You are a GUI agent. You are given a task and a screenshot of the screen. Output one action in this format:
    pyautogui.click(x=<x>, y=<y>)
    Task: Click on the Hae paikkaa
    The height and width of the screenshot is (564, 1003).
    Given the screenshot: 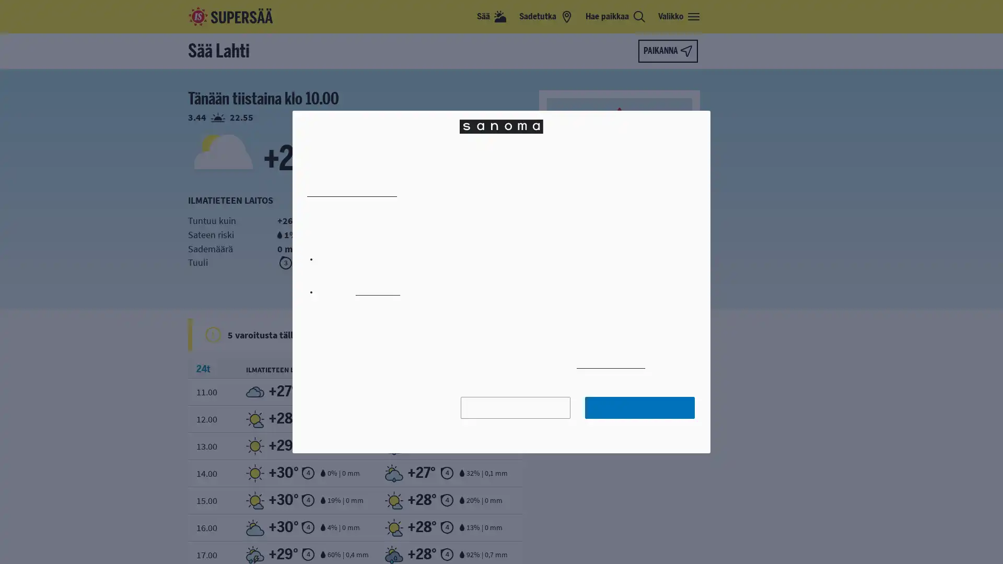 What is the action you would take?
    pyautogui.click(x=615, y=16)
    